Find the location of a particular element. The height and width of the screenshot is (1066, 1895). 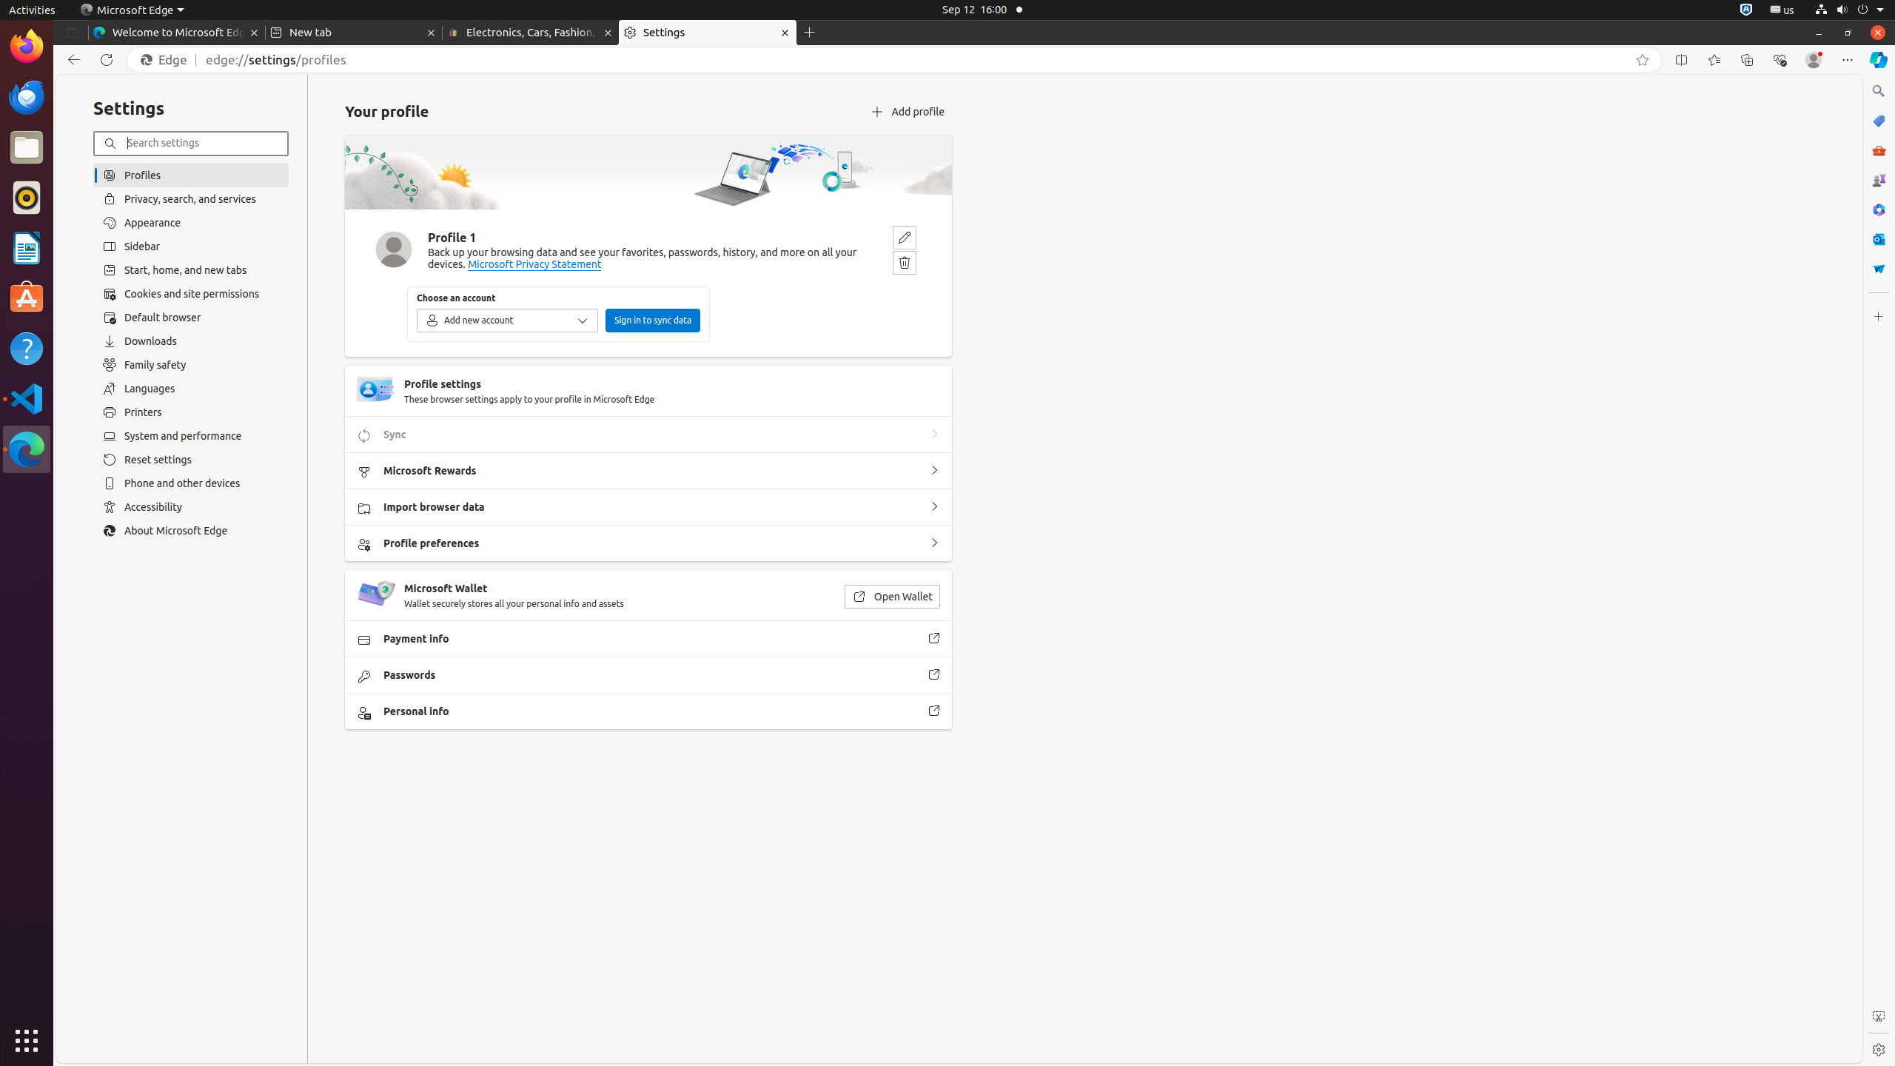

'Edit' is located at coordinates (905, 236).